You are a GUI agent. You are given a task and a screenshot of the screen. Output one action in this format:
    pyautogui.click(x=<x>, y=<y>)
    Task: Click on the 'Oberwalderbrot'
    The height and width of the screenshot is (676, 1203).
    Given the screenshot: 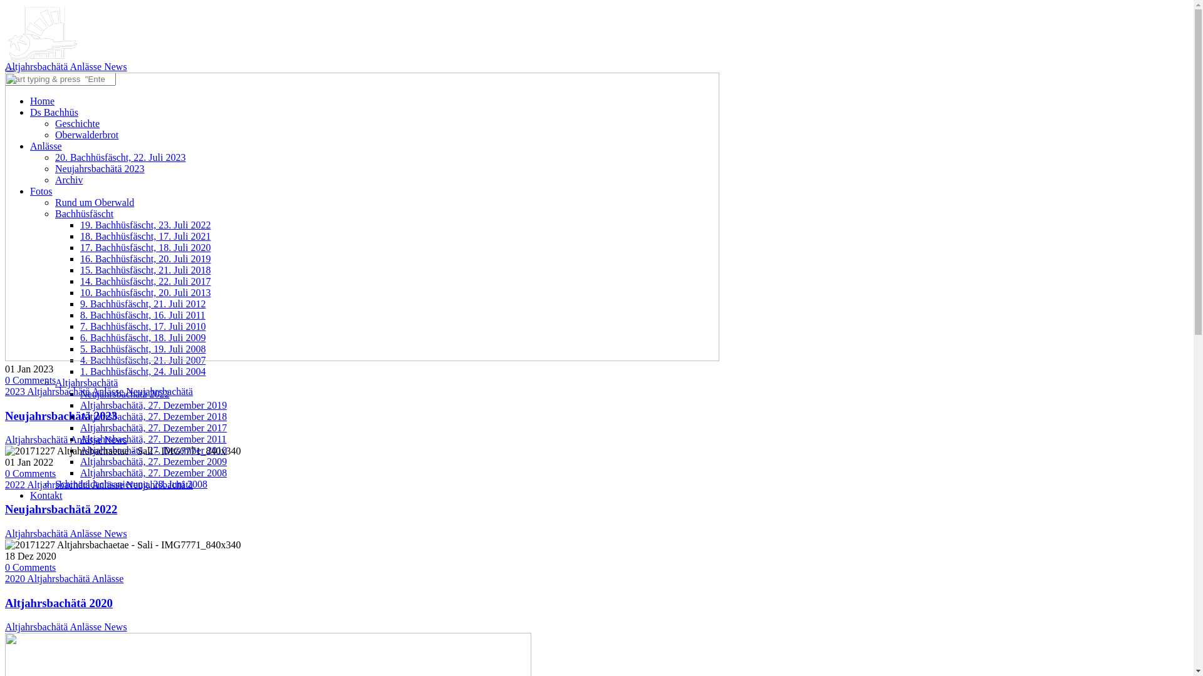 What is the action you would take?
    pyautogui.click(x=86, y=135)
    